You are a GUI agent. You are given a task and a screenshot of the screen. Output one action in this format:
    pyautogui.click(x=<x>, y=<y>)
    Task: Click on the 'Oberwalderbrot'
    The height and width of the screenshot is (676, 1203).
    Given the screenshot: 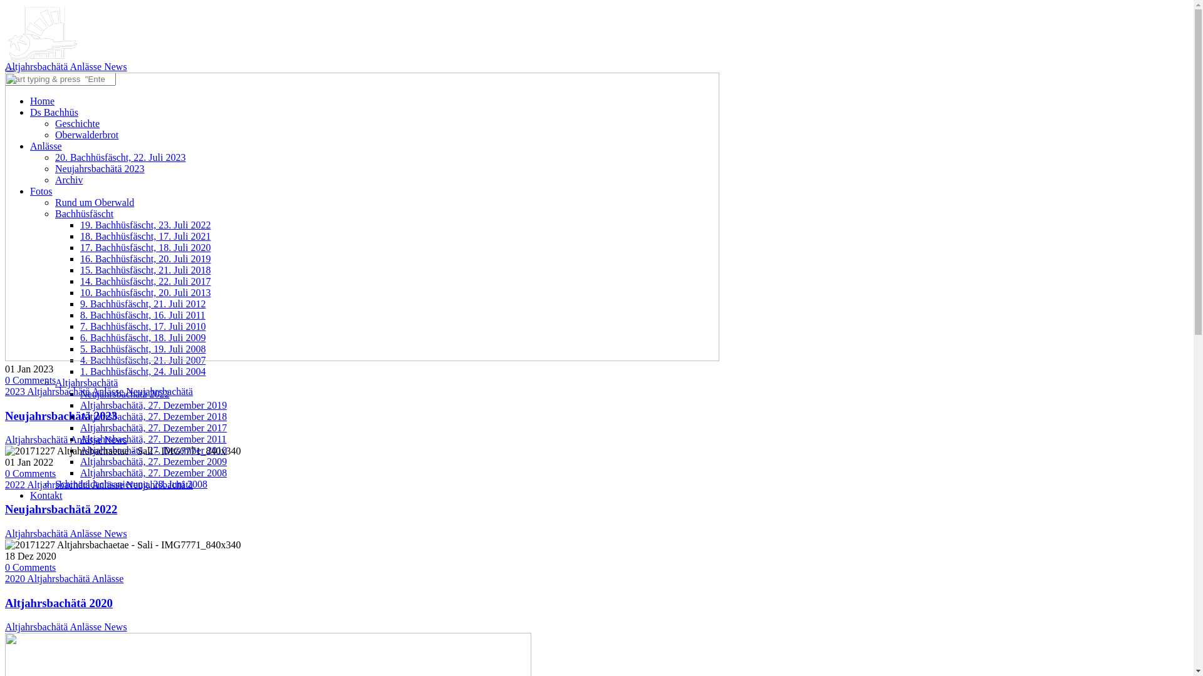 What is the action you would take?
    pyautogui.click(x=86, y=135)
    